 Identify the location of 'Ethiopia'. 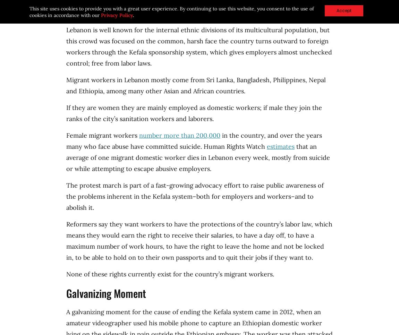
(78, 91).